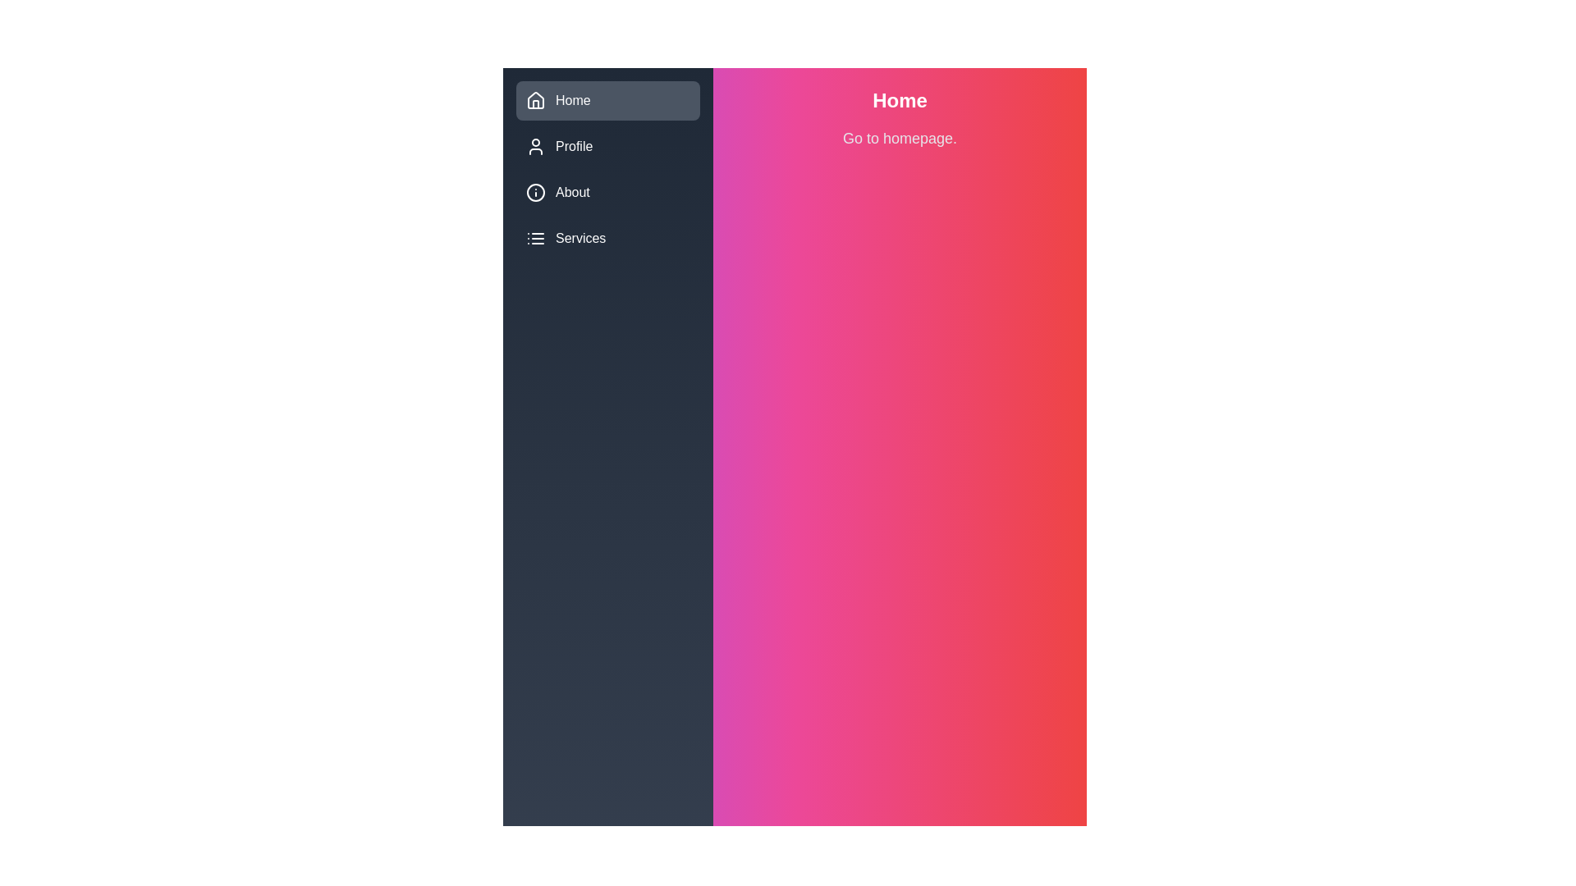 The height and width of the screenshot is (886, 1576). Describe the element at coordinates (607, 238) in the screenshot. I see `the menu item Services` at that location.